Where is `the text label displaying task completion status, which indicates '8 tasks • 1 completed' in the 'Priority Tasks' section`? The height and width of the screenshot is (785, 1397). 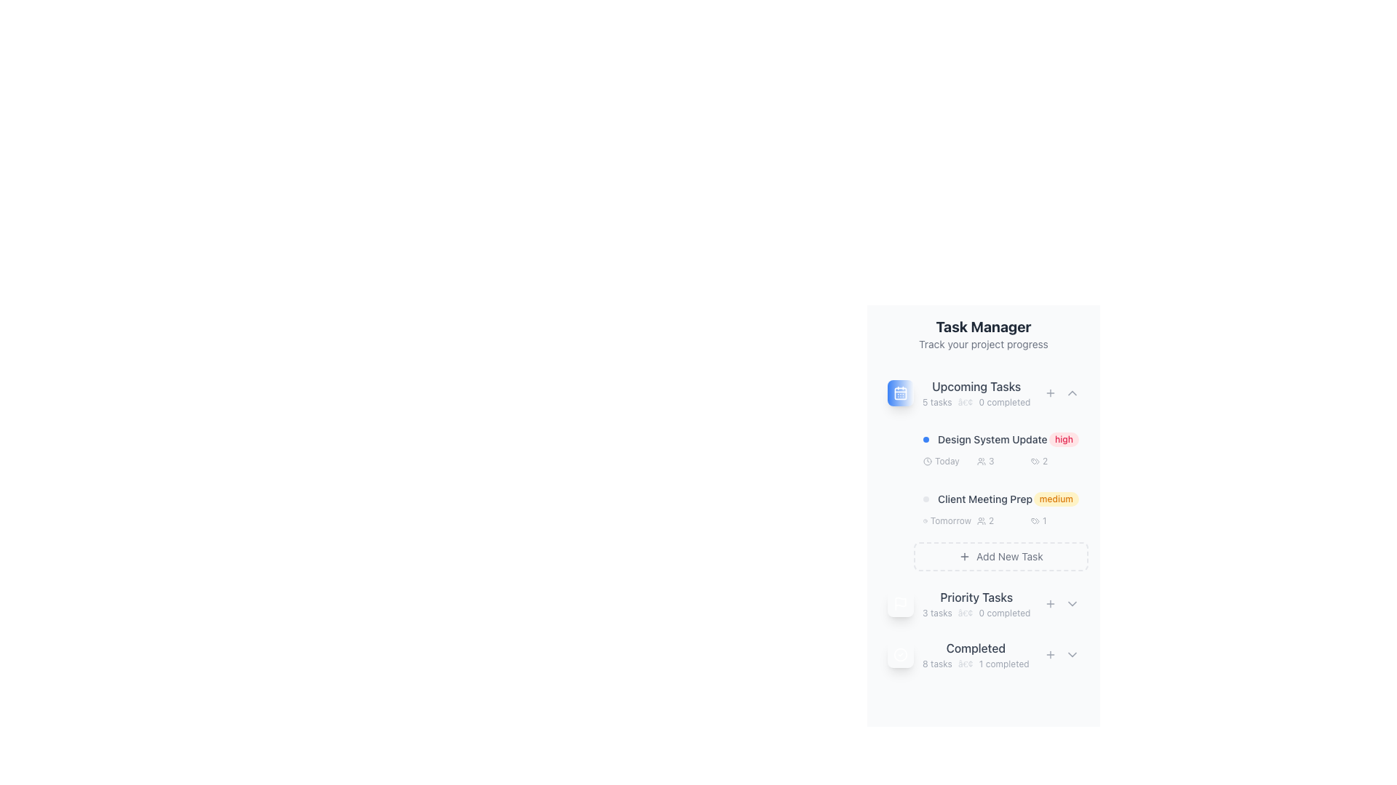
the text label displaying task completion status, which indicates '8 tasks • 1 completed' in the 'Priority Tasks' section is located at coordinates (976, 647).